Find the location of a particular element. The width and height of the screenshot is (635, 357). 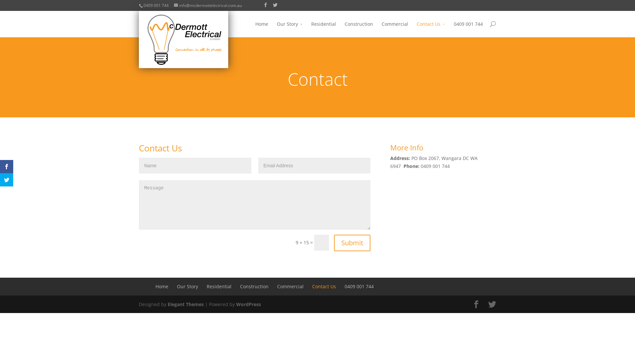

'Construction' is located at coordinates (239, 286).